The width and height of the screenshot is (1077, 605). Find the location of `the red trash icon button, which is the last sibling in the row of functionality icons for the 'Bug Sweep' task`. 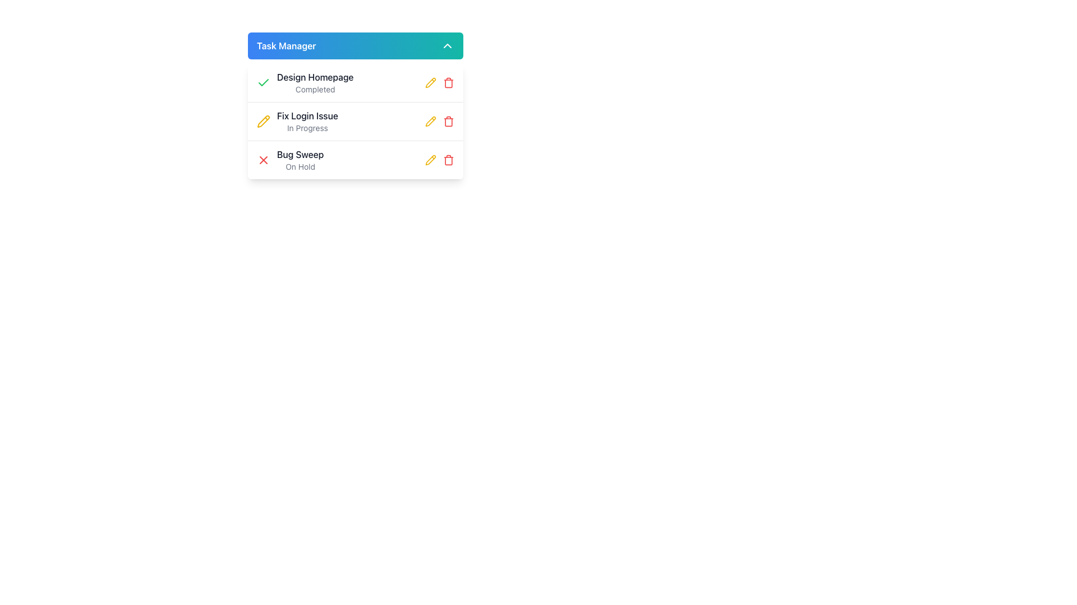

the red trash icon button, which is the last sibling in the row of functionality icons for the 'Bug Sweep' task is located at coordinates (449, 160).